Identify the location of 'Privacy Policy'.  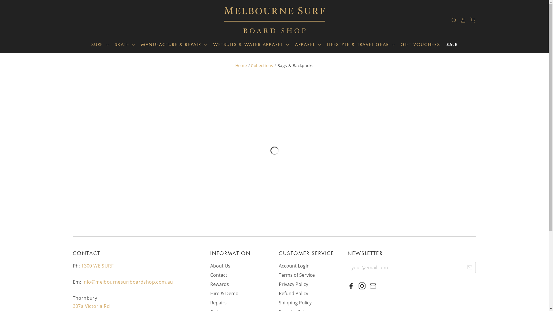
(293, 284).